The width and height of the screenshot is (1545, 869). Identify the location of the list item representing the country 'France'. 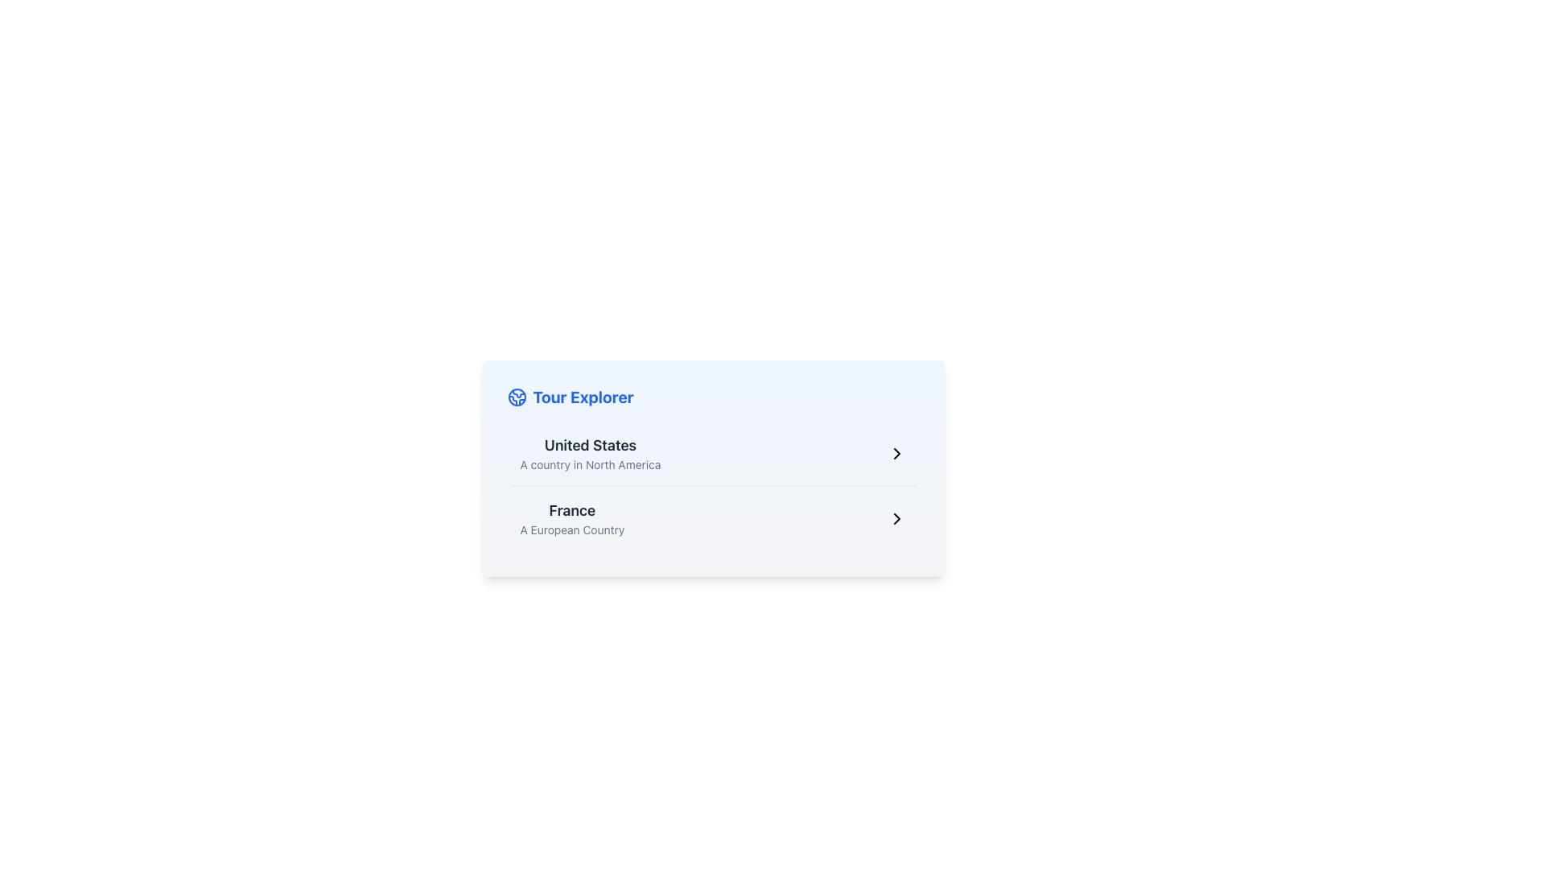
(572, 518).